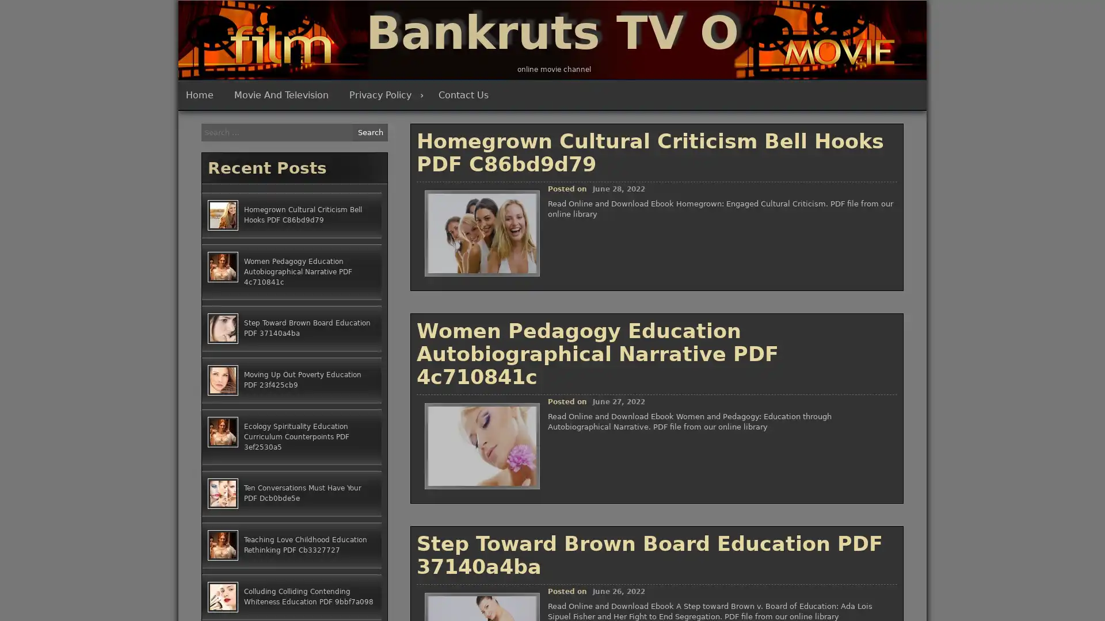 Image resolution: width=1105 pixels, height=621 pixels. I want to click on Search, so click(370, 132).